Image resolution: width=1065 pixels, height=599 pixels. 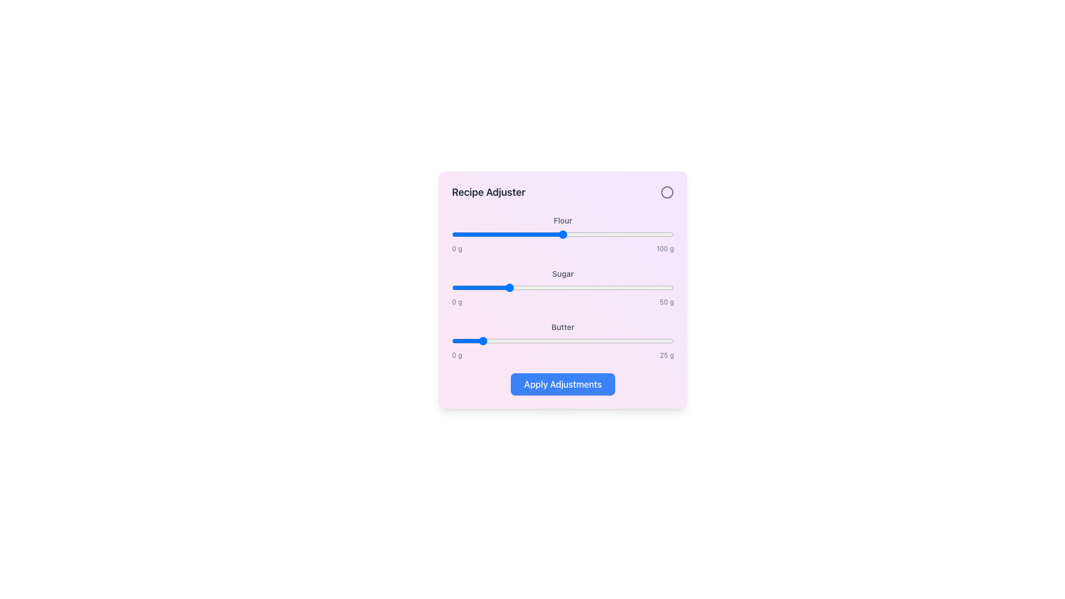 I want to click on sugar level, so click(x=642, y=287).